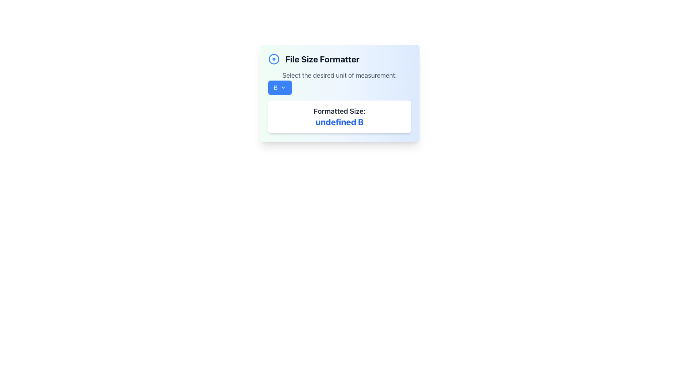 This screenshot has height=385, width=685. I want to click on the outer larger SVG Circle icon located at the upper-left corner of the 'File Size Formatter' card, preceding the text title of the card, so click(274, 58).